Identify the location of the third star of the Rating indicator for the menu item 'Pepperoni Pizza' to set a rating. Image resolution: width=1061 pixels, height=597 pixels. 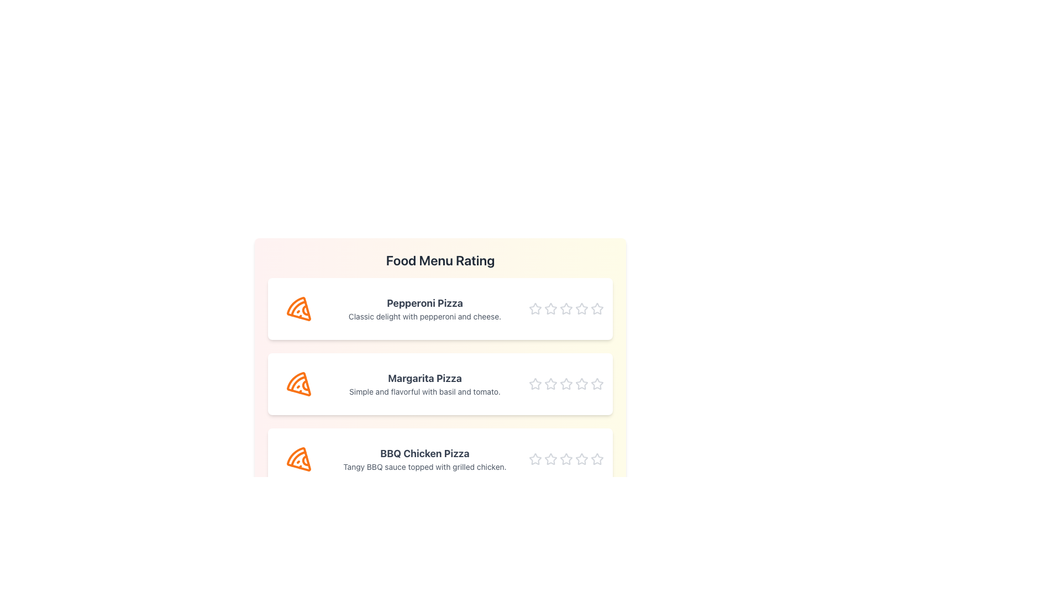
(566, 309).